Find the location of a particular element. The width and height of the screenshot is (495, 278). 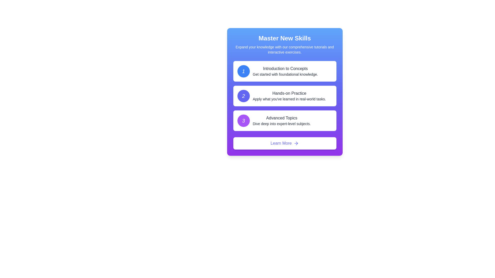

the text label that reads 'Master New Skills', which is prominently displayed in white on a blue background at the top of the card-like component is located at coordinates (284, 38).